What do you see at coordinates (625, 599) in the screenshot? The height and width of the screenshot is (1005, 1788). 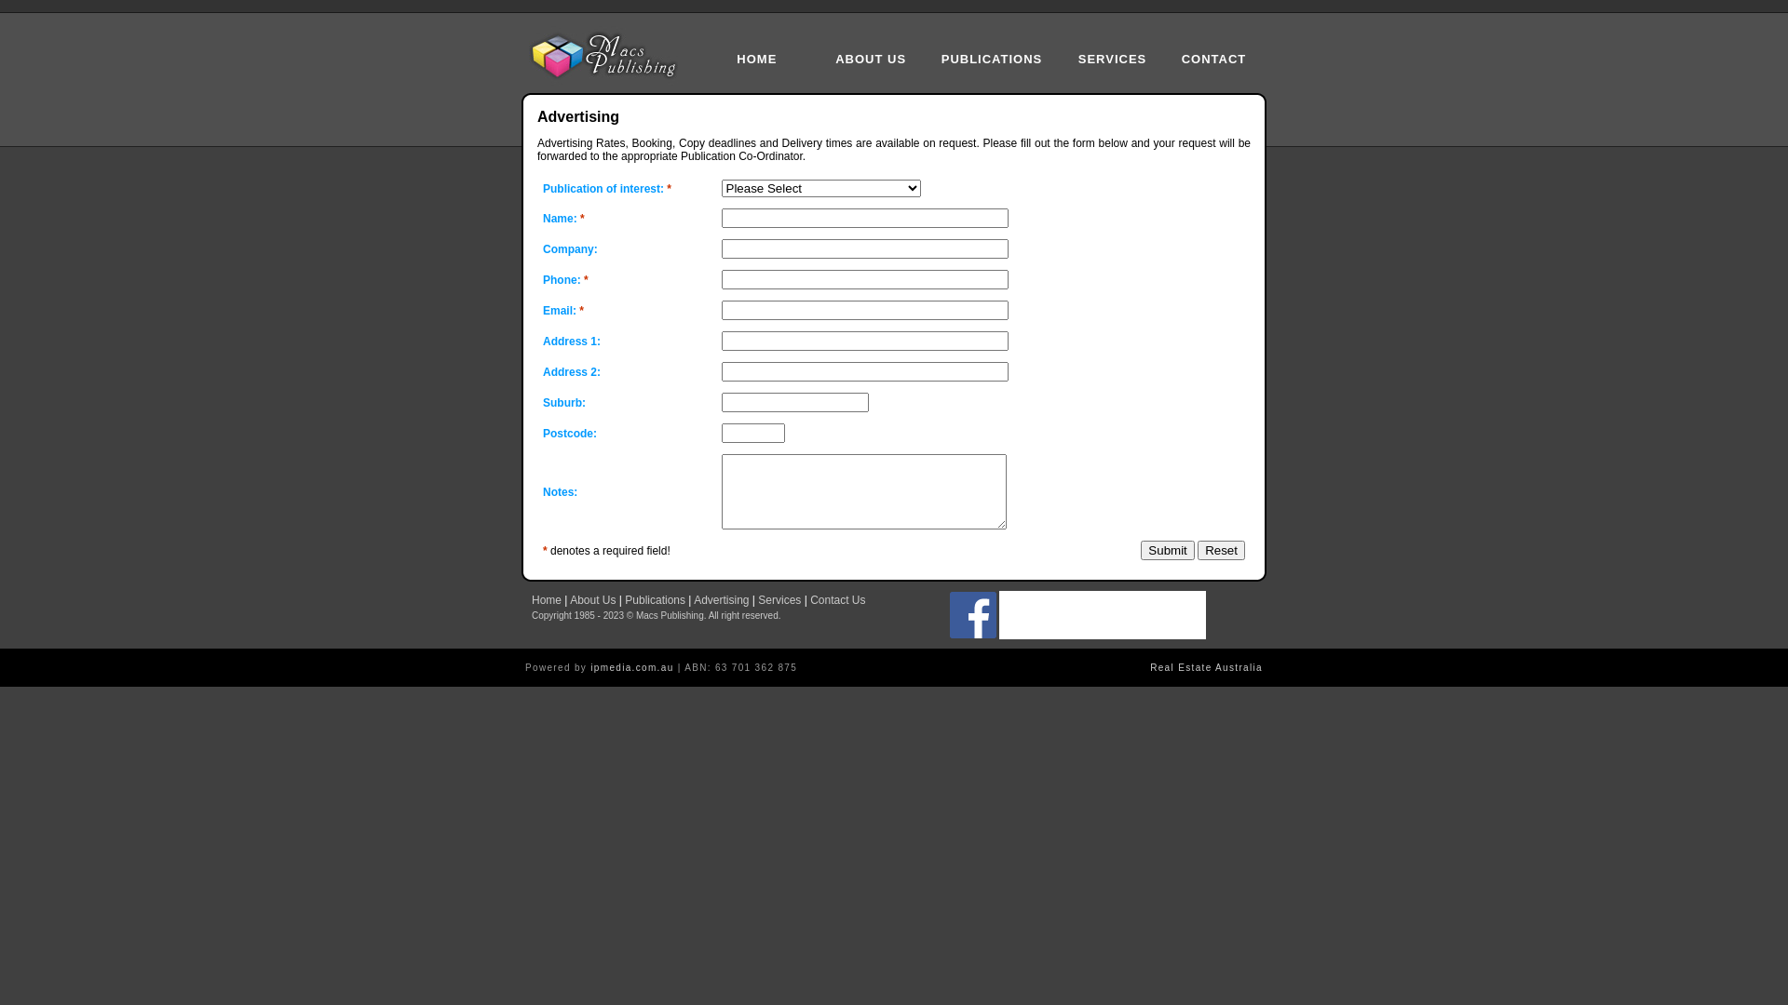 I see `'Publications'` at bounding box center [625, 599].